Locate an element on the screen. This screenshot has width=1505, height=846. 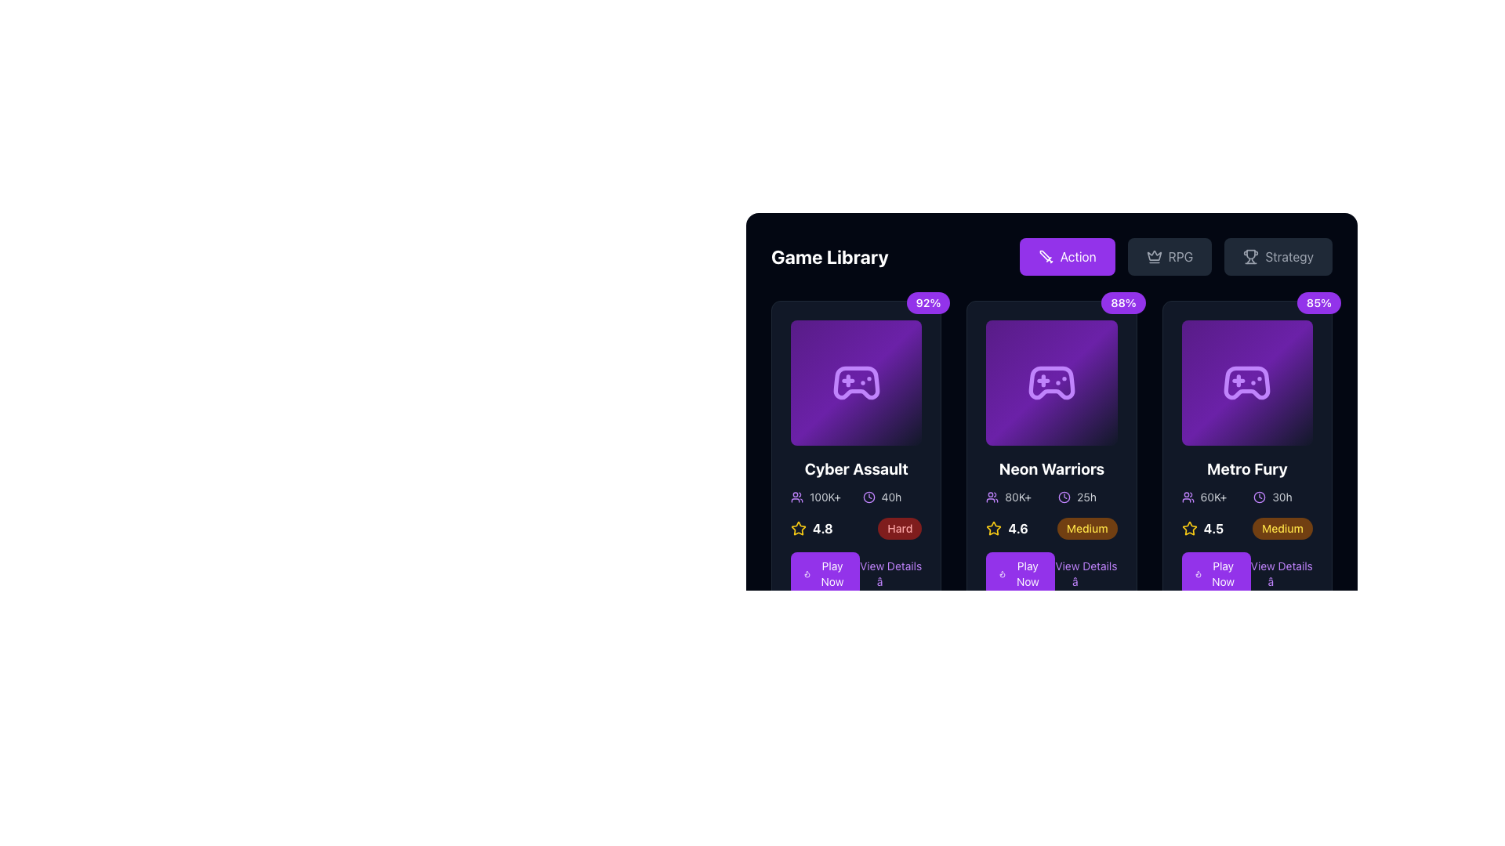
text content of the label displaying 'Cyber Assault' in bold white font, located below the gamepad icon within the card-style layout is located at coordinates (855, 468).